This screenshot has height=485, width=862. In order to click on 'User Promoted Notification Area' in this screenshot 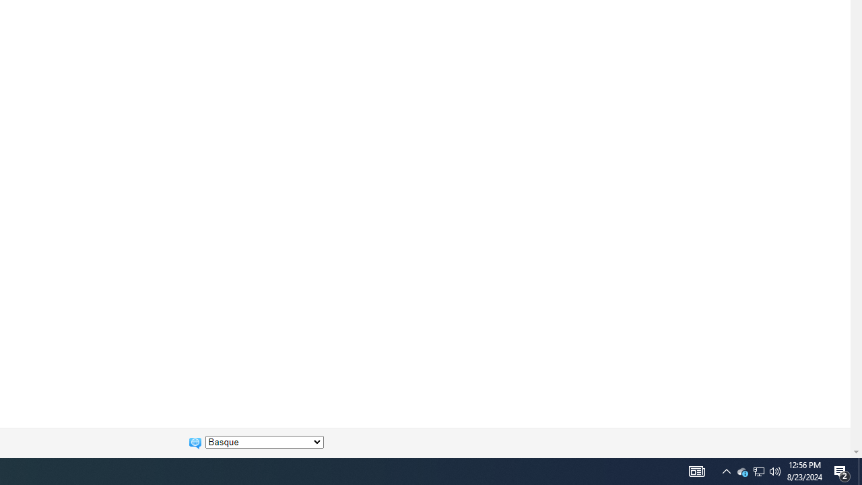, I will do `click(759, 470)`.